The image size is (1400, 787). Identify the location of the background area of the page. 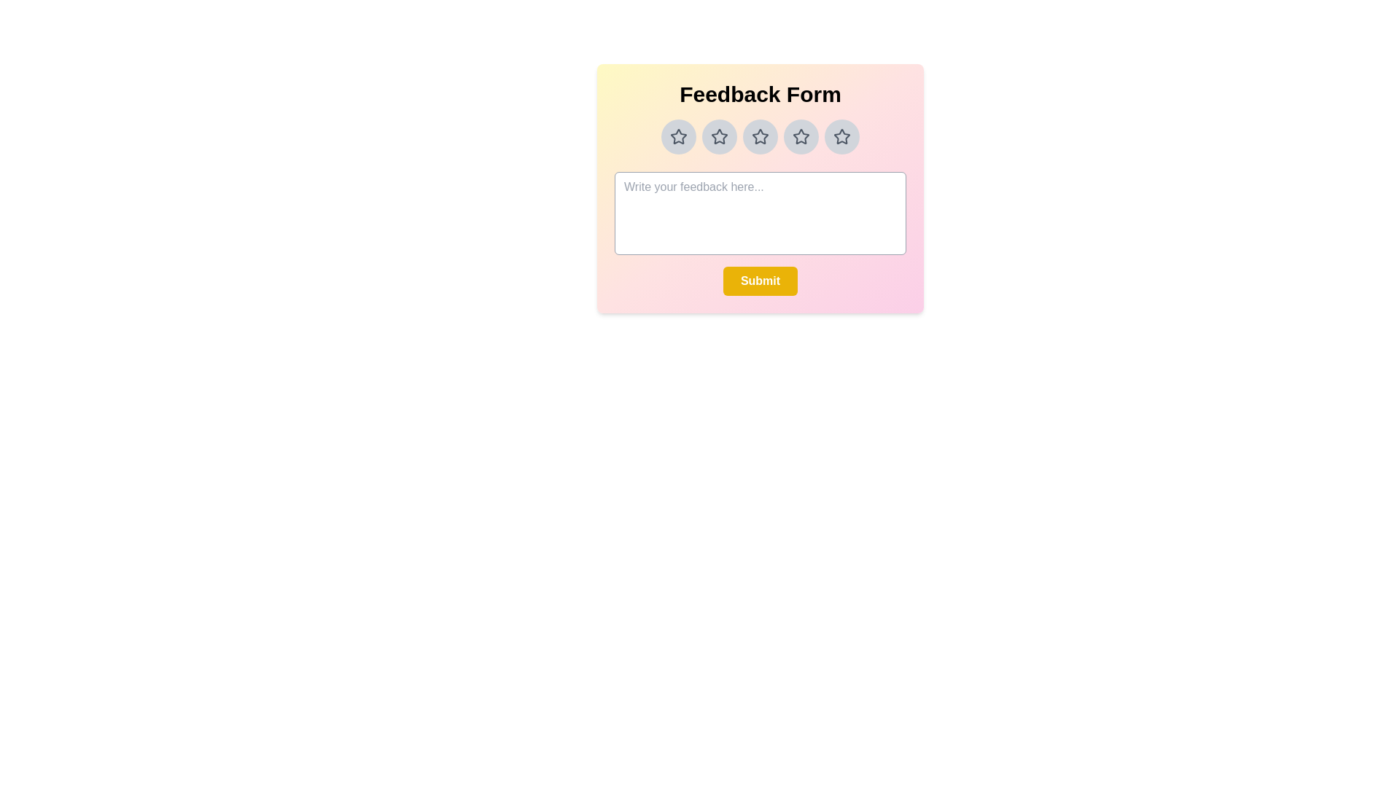
(559, 364).